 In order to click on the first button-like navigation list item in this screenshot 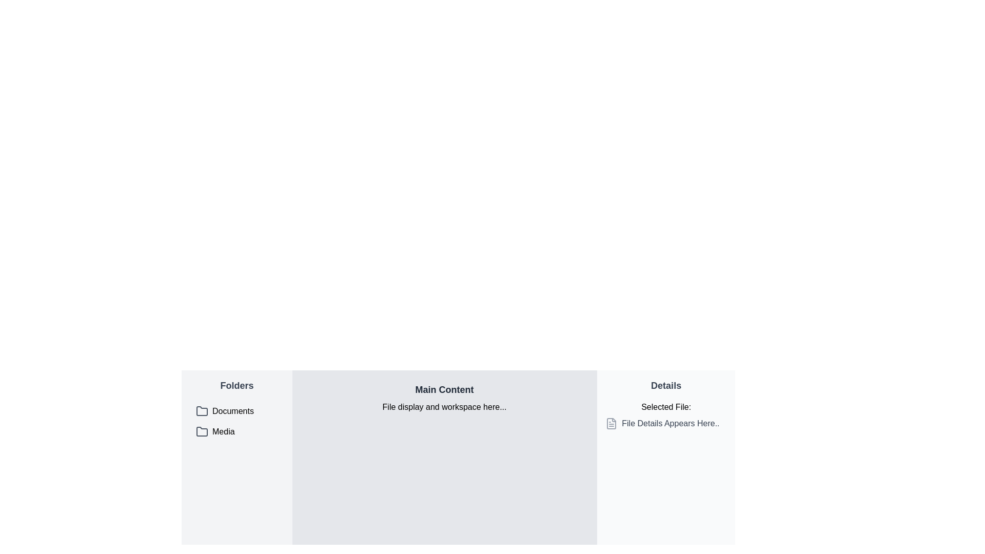, I will do `click(236, 411)`.